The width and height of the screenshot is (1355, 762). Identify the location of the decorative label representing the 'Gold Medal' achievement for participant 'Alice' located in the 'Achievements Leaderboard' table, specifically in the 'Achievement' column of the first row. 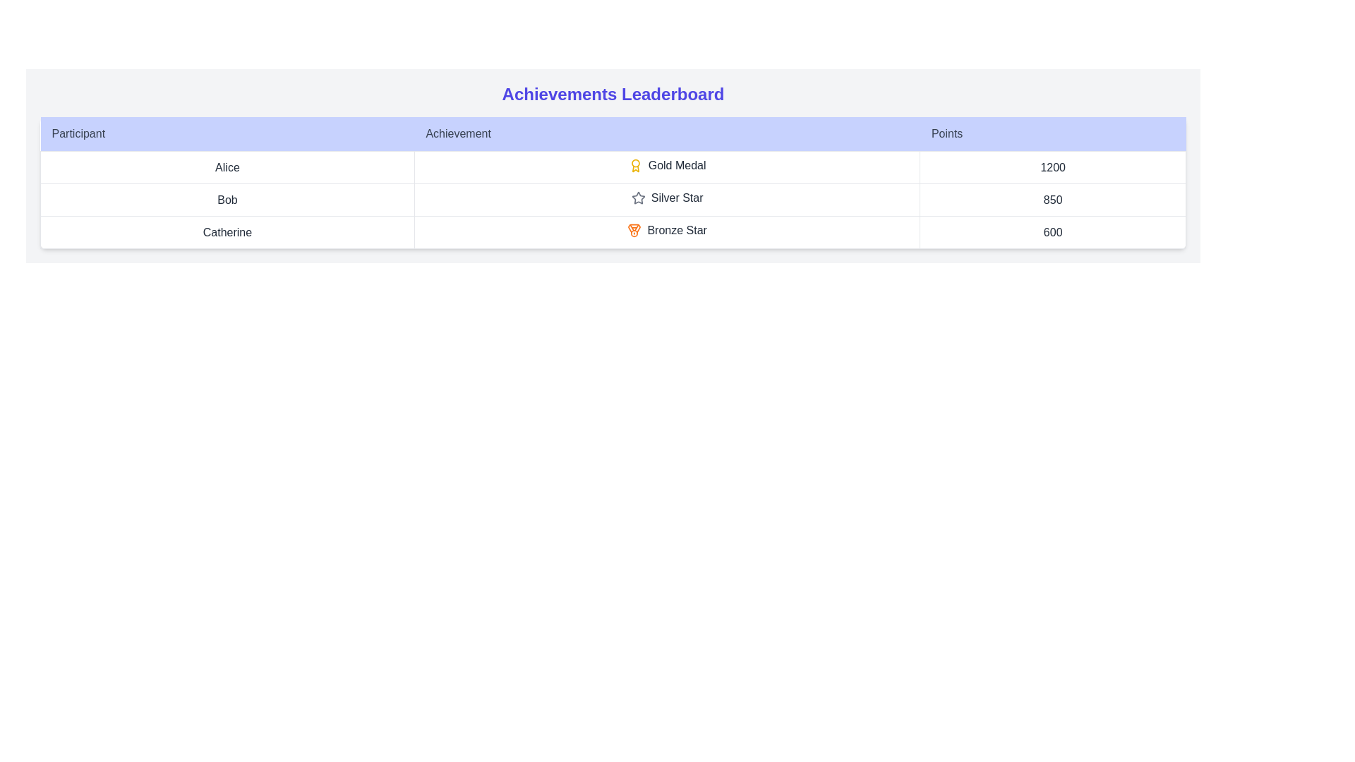
(666, 165).